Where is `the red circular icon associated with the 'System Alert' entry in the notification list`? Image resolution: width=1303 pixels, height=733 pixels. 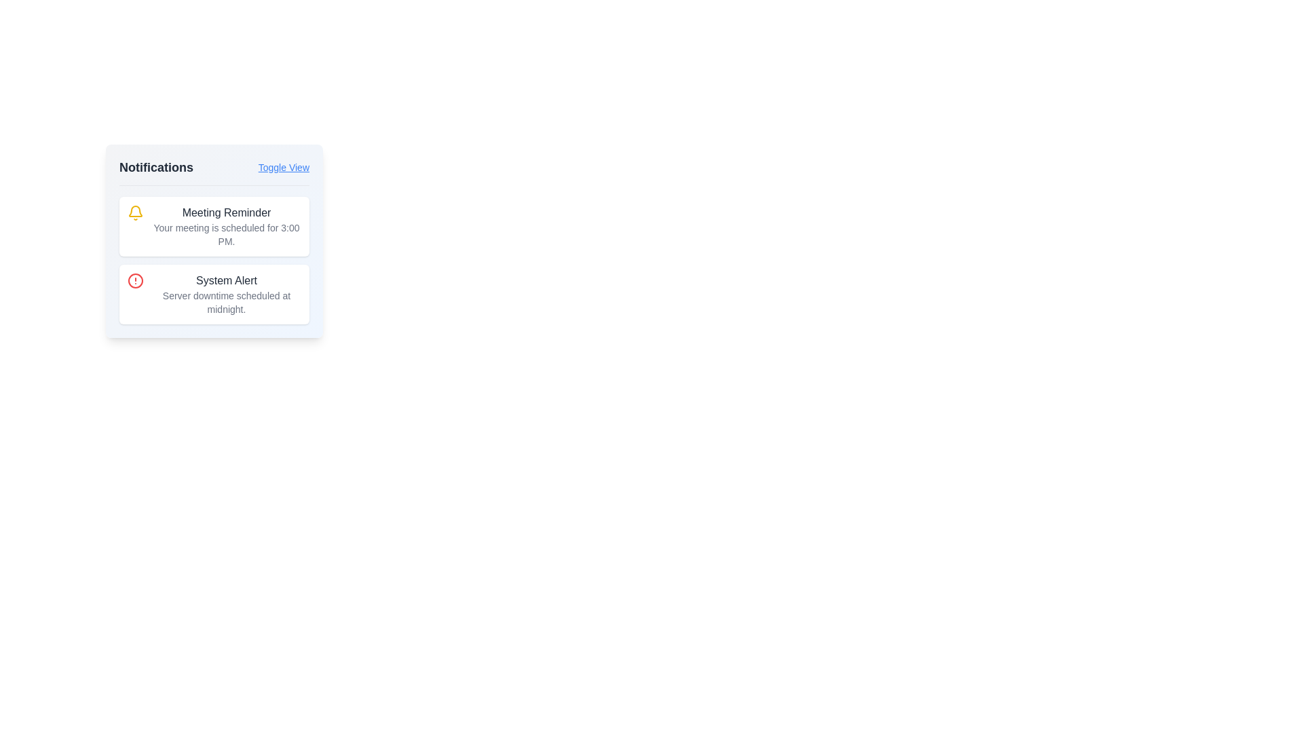
the red circular icon associated with the 'System Alert' entry in the notification list is located at coordinates (136, 280).